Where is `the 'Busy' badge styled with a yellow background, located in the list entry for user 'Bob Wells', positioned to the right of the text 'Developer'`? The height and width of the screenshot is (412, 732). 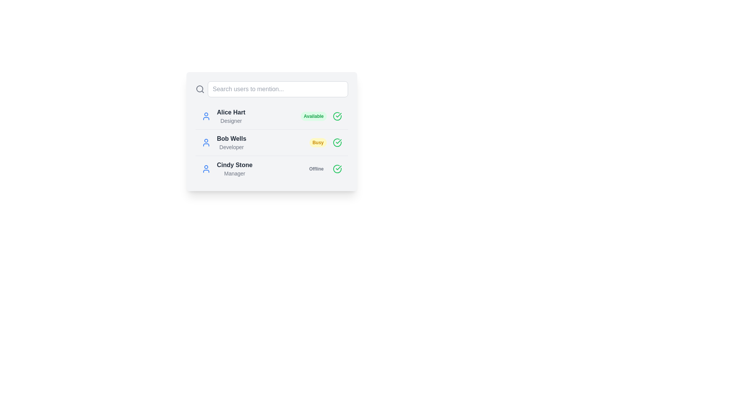
the 'Busy' badge styled with a yellow background, located in the list entry for user 'Bob Wells', positioned to the right of the text 'Developer' is located at coordinates (318, 143).